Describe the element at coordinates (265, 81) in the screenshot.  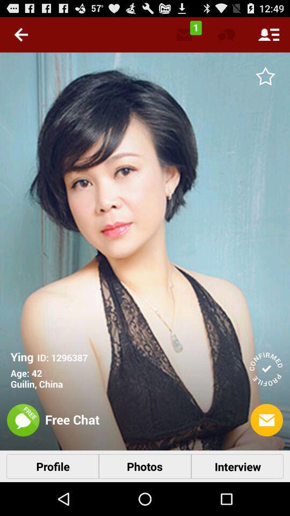
I see `the star icon` at that location.